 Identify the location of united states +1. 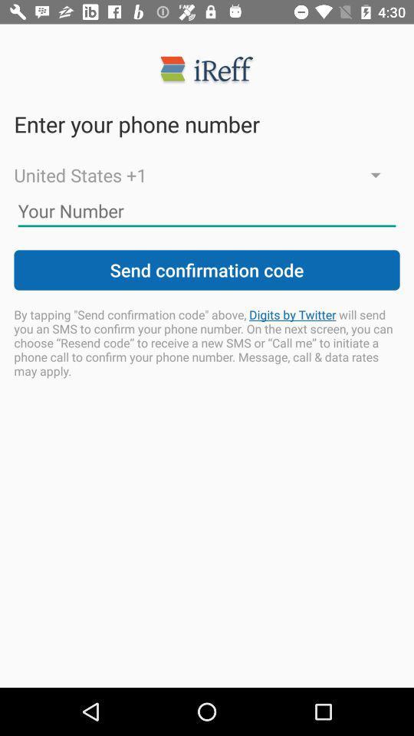
(207, 175).